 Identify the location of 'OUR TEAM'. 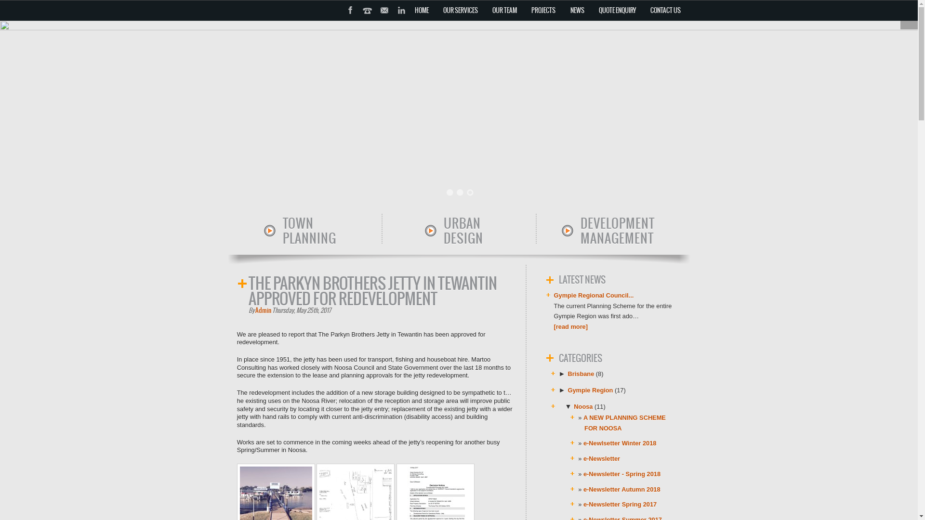
(504, 11).